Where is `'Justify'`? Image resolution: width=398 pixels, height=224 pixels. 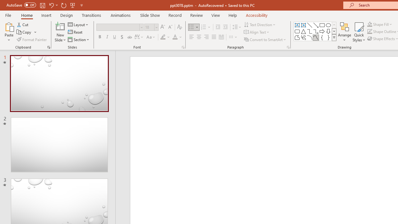
'Justify' is located at coordinates (214, 37).